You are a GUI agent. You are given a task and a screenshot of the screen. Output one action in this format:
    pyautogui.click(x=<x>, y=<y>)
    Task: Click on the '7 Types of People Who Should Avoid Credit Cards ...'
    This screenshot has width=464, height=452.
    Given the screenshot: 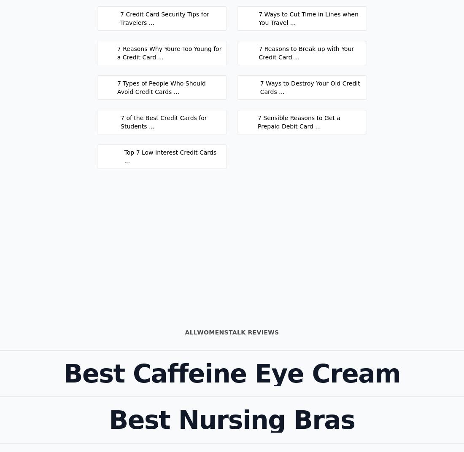 What is the action you would take?
    pyautogui.click(x=116, y=87)
    